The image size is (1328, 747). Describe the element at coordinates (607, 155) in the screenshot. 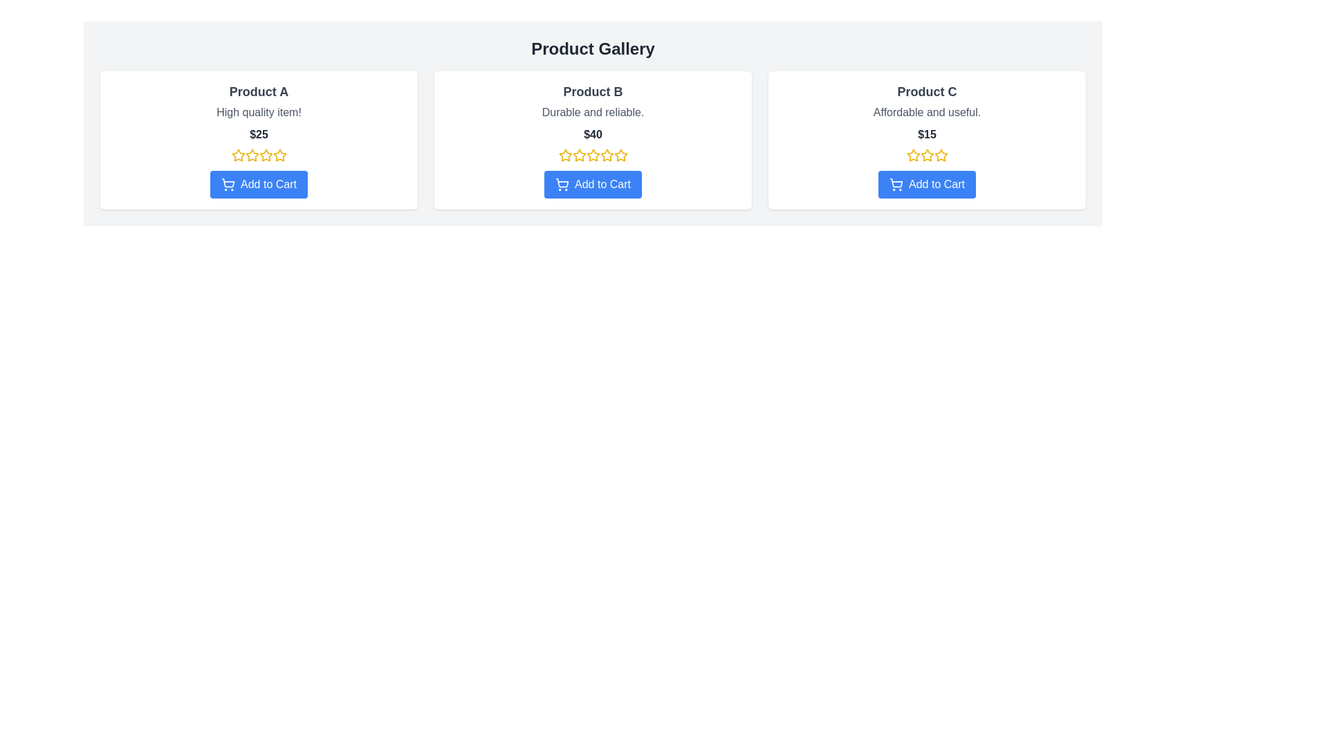

I see `the third star in the rating system for 'Product B', which is located centrally within the product card below the product name and price text` at that location.